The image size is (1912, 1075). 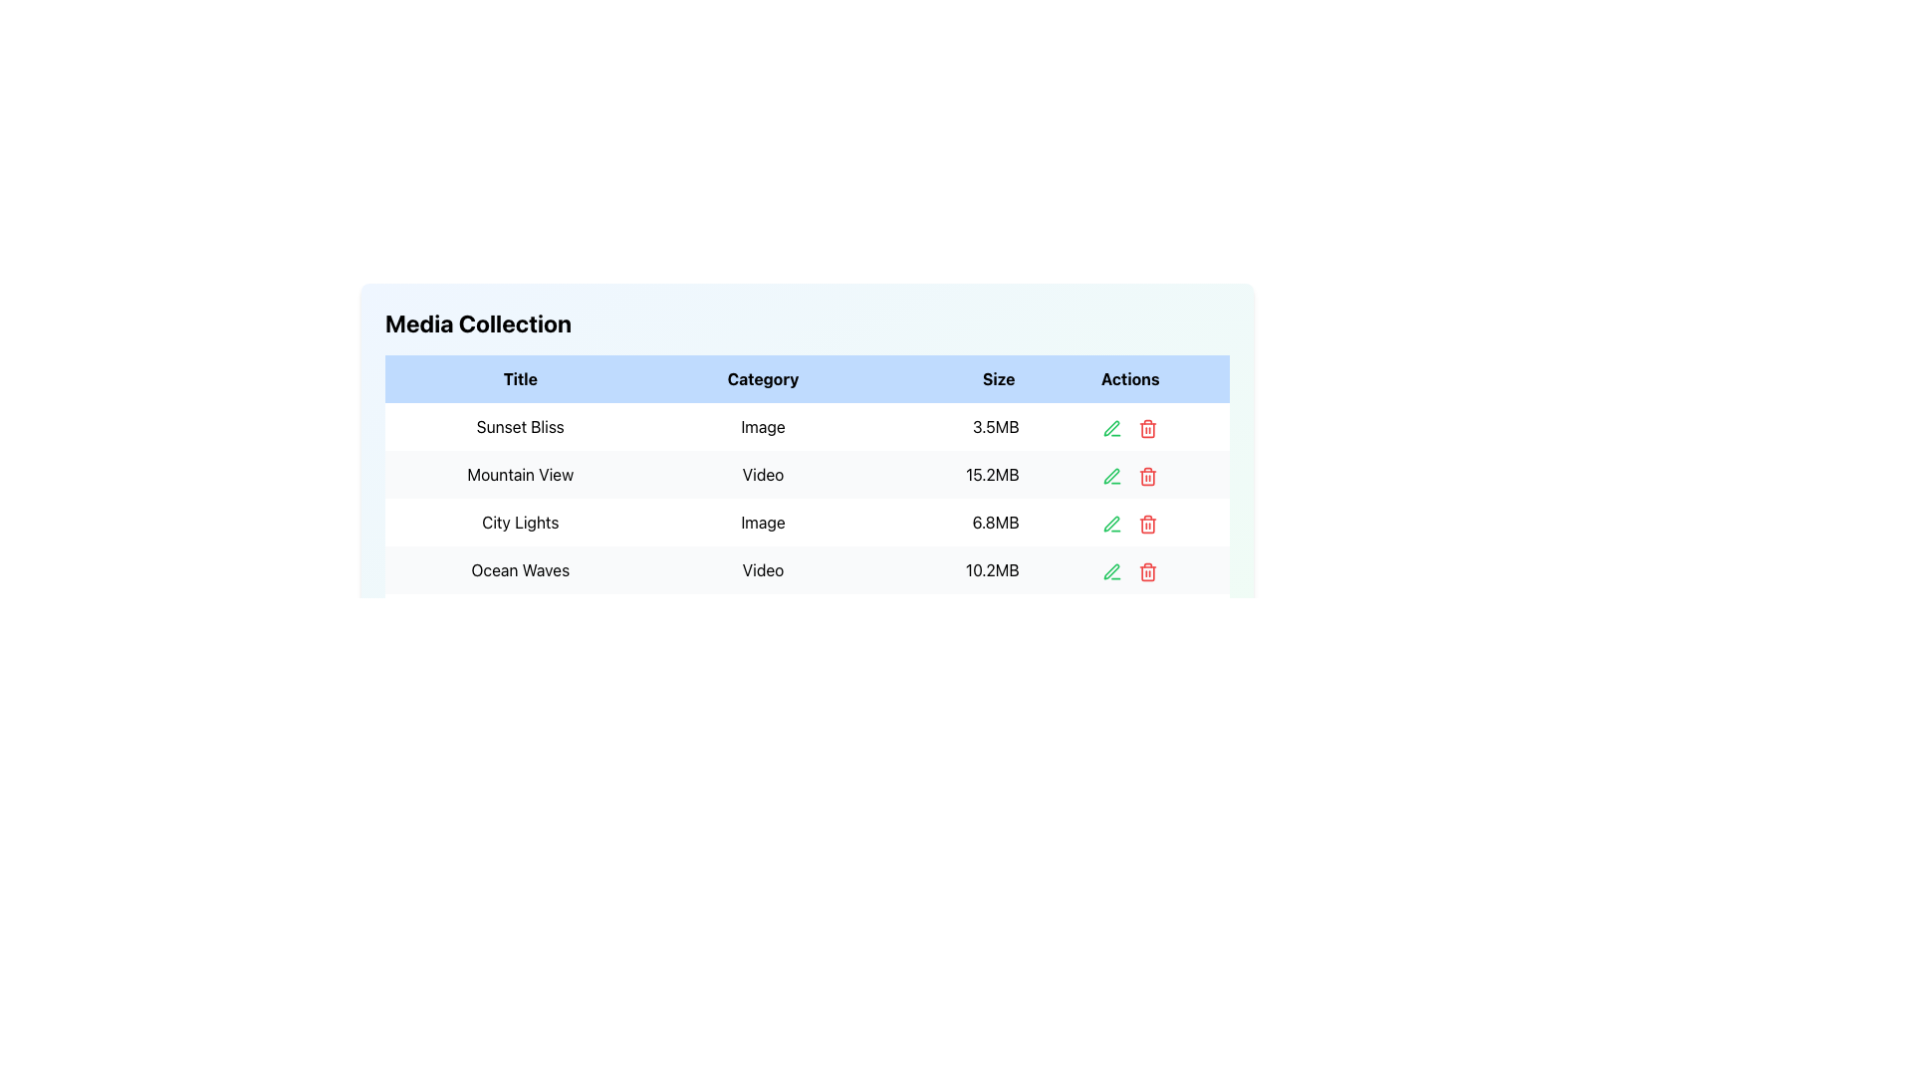 I want to click on the empty table cell in the last column of the last row, which is part of the 'Actions' column, so click(x=1130, y=617).